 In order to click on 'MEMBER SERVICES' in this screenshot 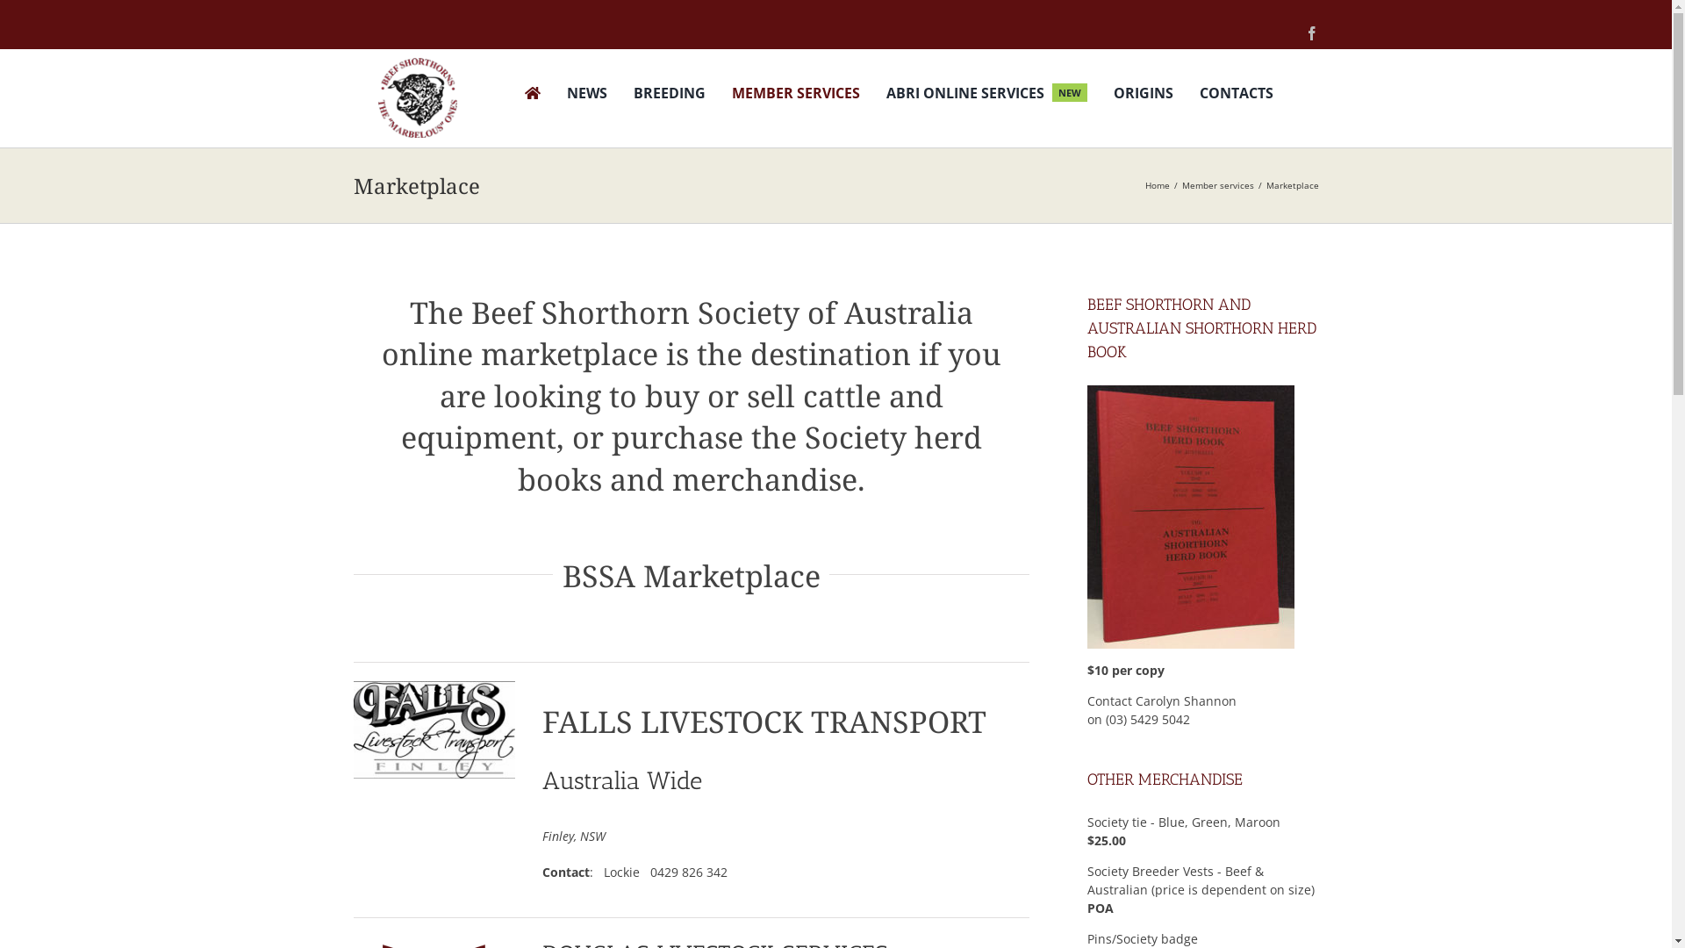, I will do `click(795, 95)`.